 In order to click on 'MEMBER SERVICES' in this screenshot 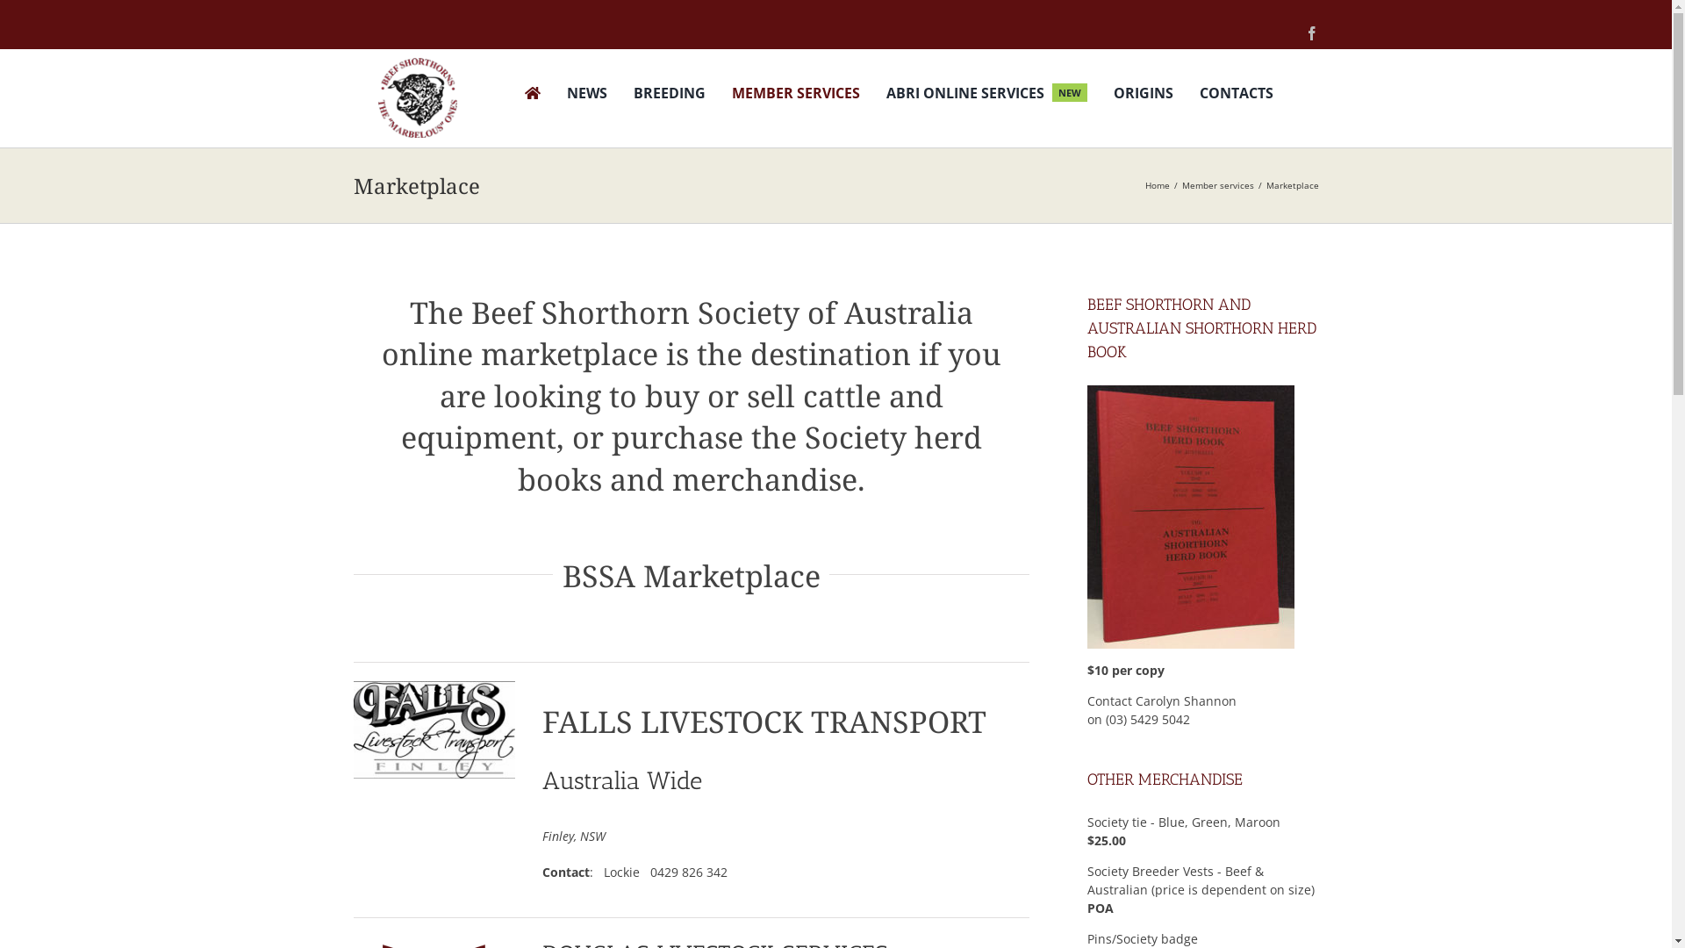, I will do `click(795, 95)`.